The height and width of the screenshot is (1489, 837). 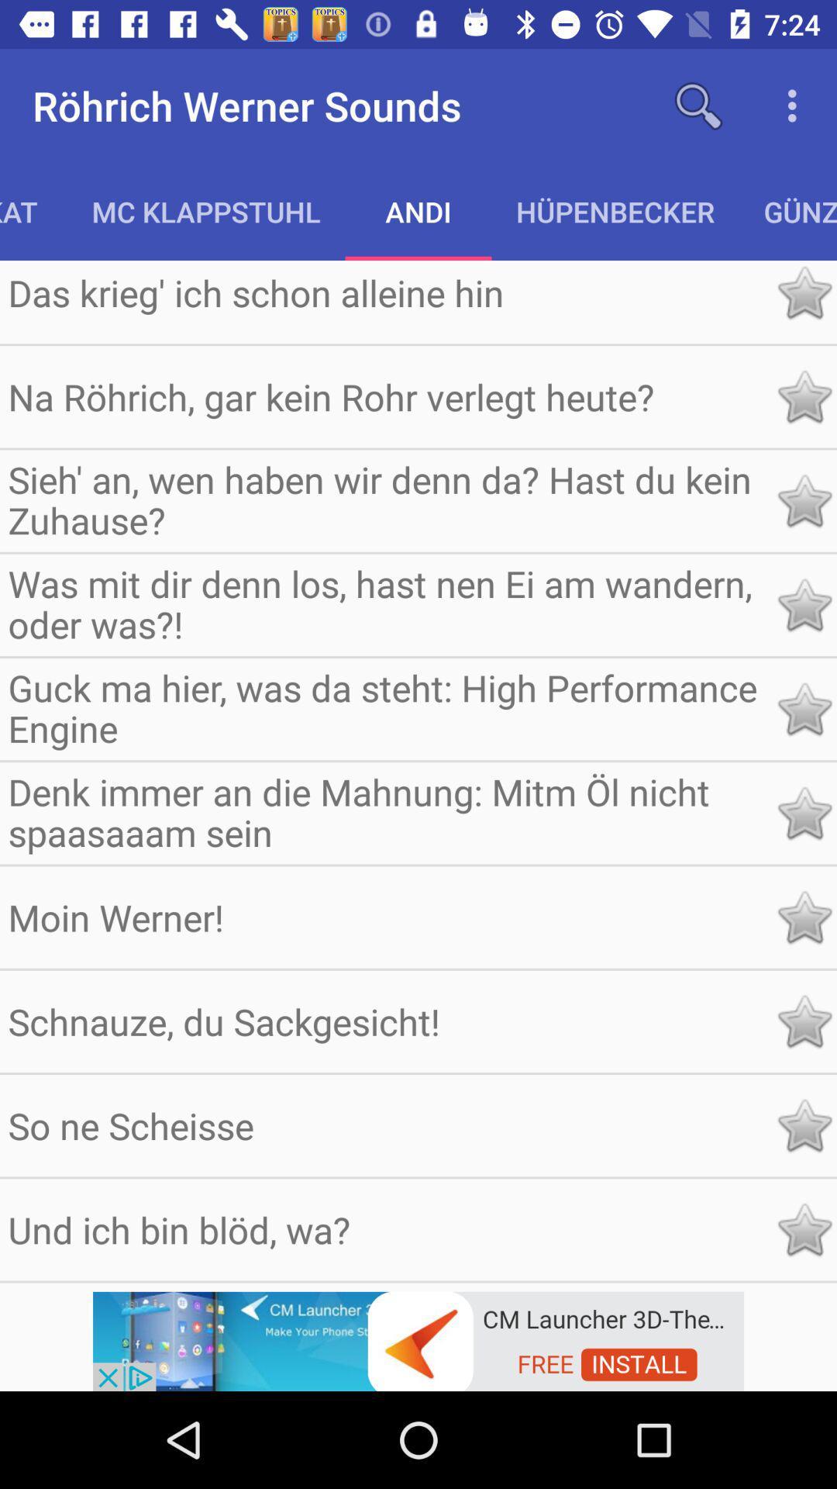 What do you see at coordinates (803, 917) in the screenshot?
I see `to favorites` at bounding box center [803, 917].